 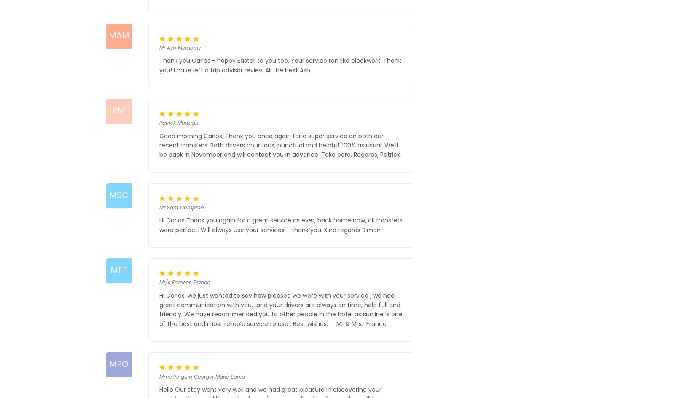 What do you see at coordinates (118, 195) in the screenshot?
I see `'MSC'` at bounding box center [118, 195].